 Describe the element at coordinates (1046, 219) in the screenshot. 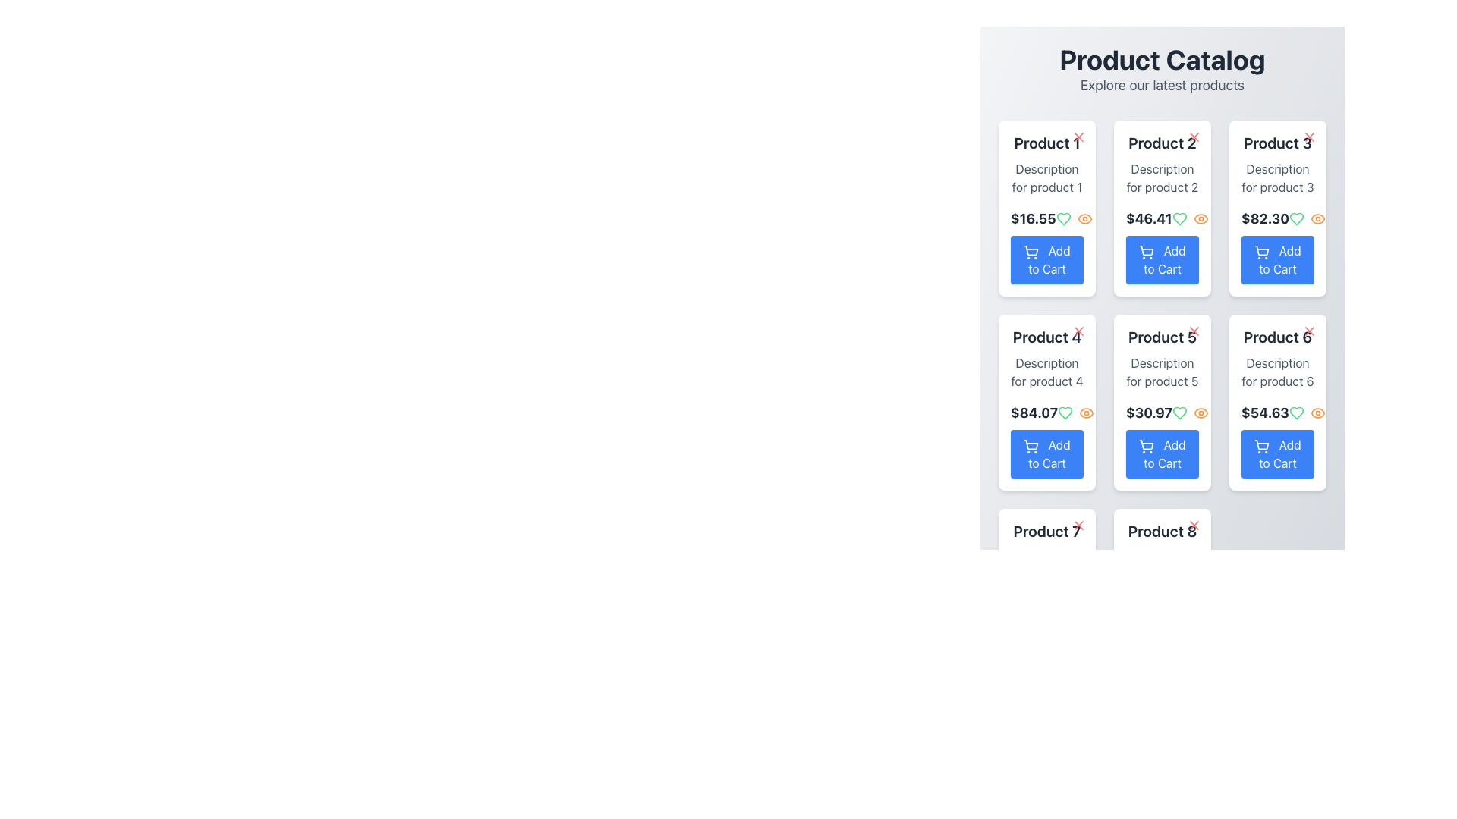

I see `price information from the Text Label located in the first product card, just below the description text and above the 'Add to Cart' button, aligned to the left` at that location.